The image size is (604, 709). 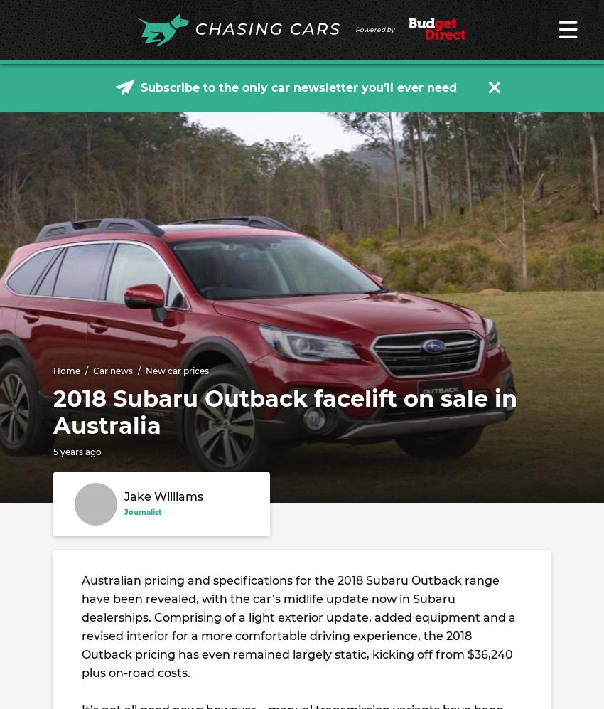 What do you see at coordinates (113, 369) in the screenshot?
I see `'Car news'` at bounding box center [113, 369].